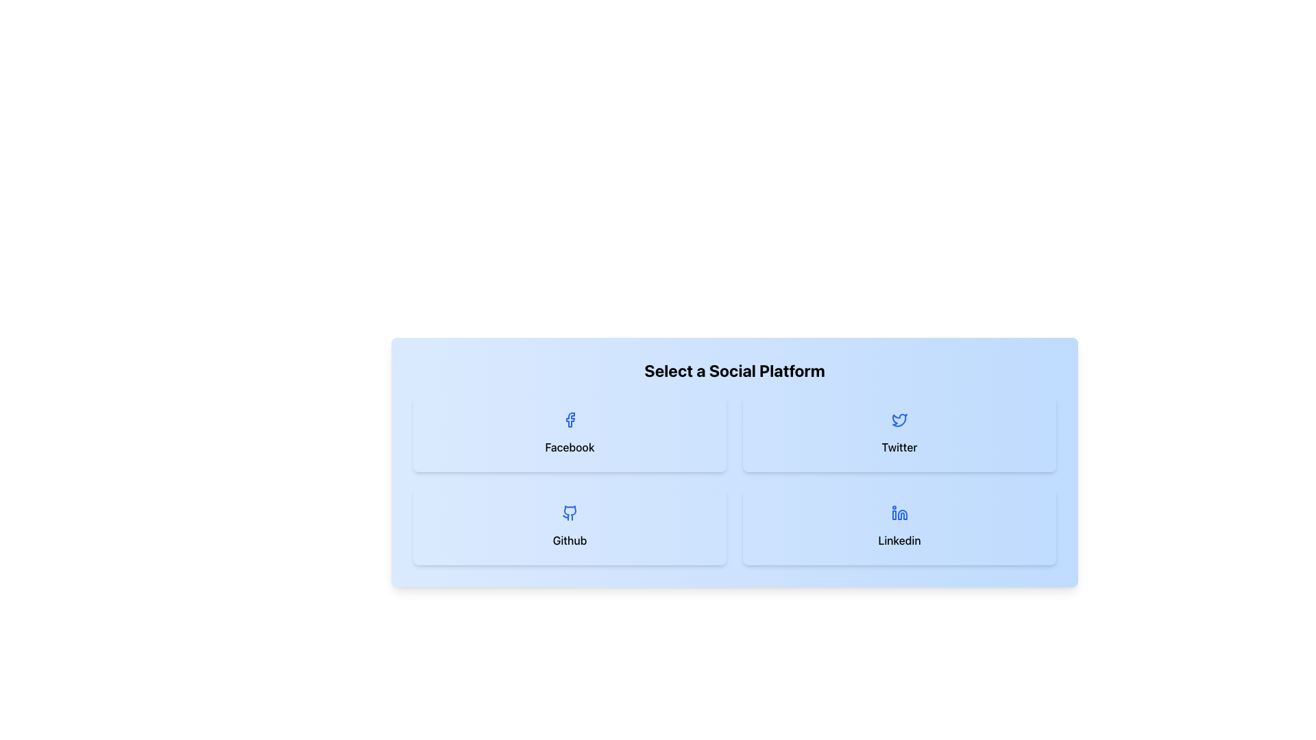 The image size is (1316, 740). What do you see at coordinates (733, 370) in the screenshot?
I see `text from the bold, large-sized headline that says 'Select a Social Platform', which is center-aligned in black font against a light blue gradient background` at bounding box center [733, 370].